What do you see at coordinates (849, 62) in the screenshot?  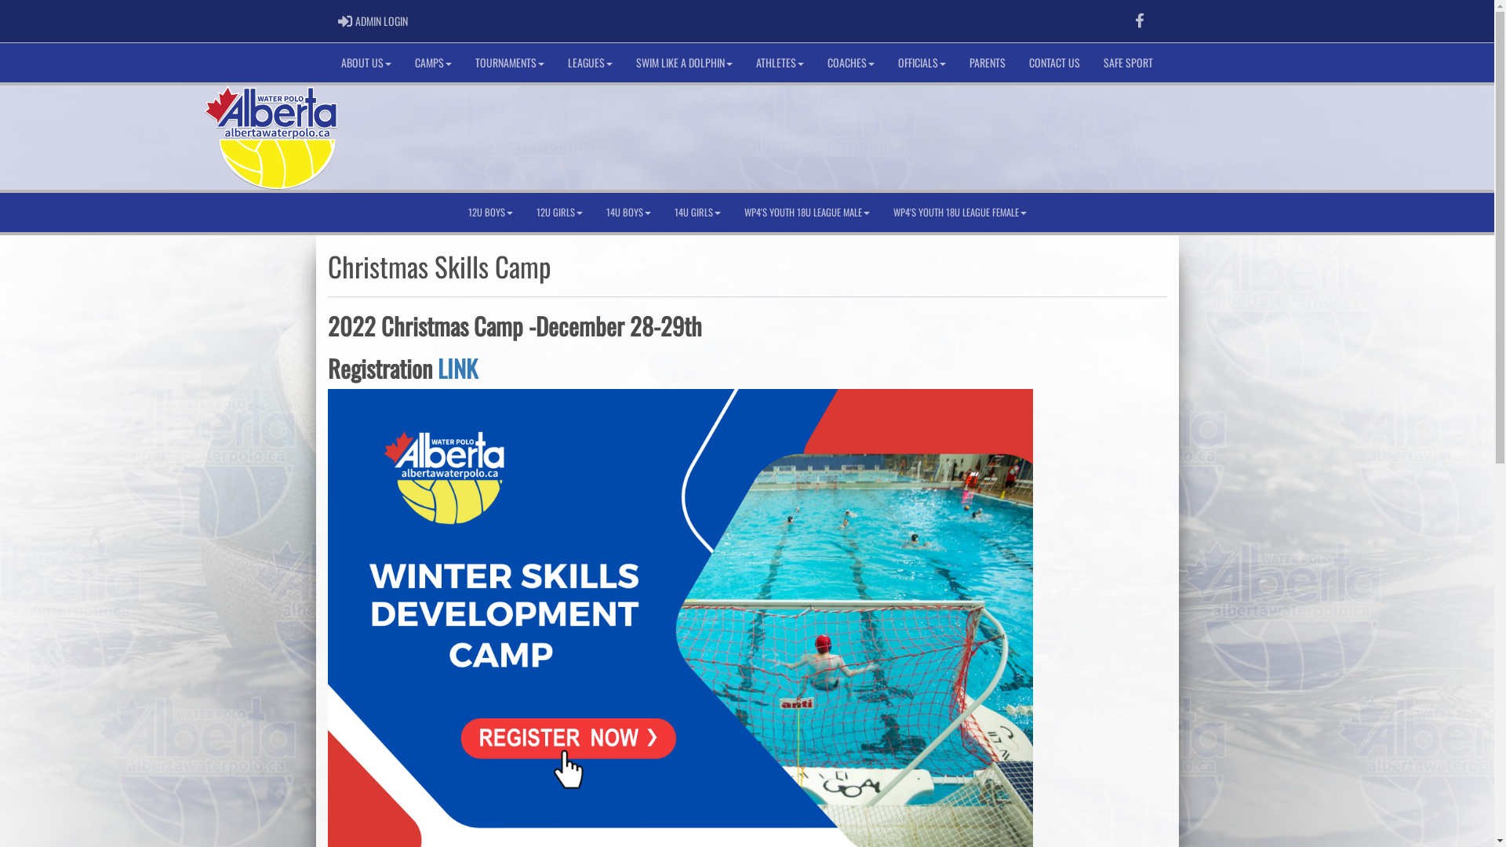 I see `'COACHES'` at bounding box center [849, 62].